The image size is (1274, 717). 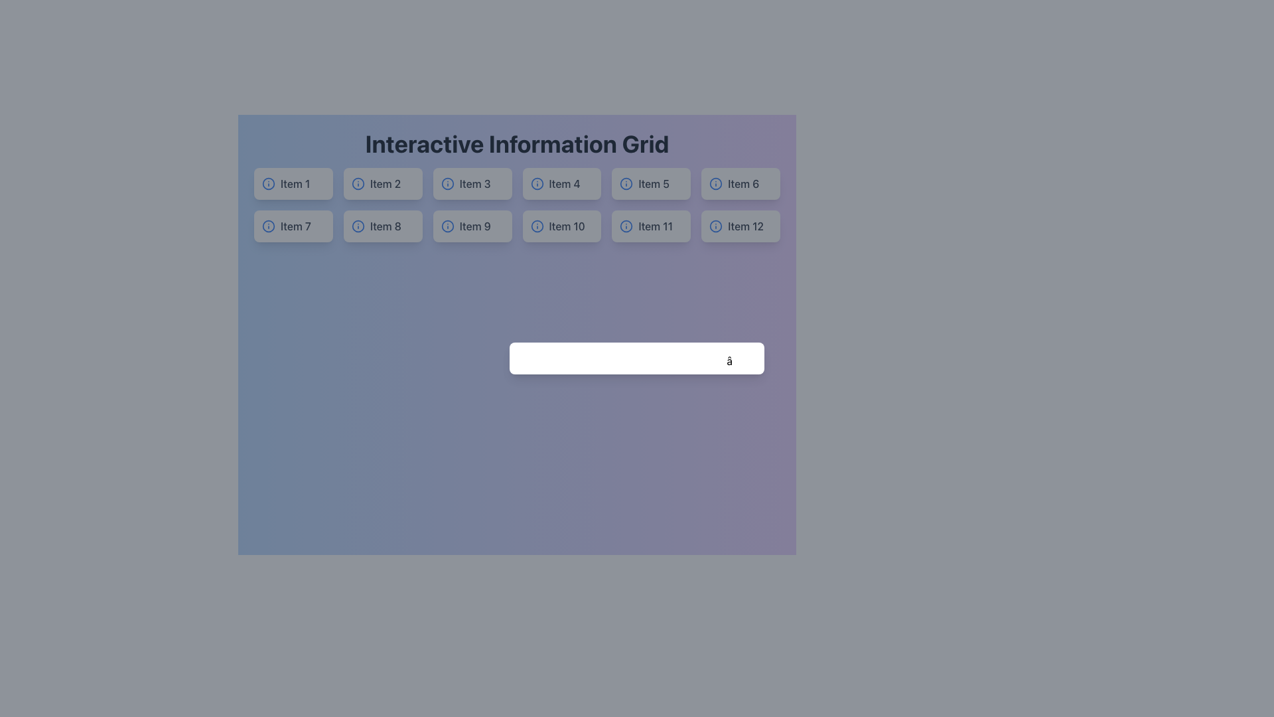 What do you see at coordinates (472, 184) in the screenshot?
I see `the informational label with the icon labeled 'Item 3', which is the third item in a horizontal grid layout, located between 'Item 2' and 'Item 4'` at bounding box center [472, 184].